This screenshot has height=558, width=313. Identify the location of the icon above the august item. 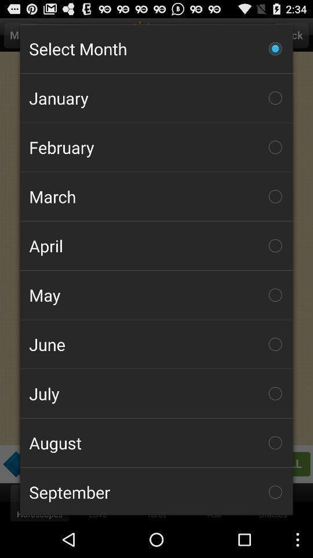
(156, 394).